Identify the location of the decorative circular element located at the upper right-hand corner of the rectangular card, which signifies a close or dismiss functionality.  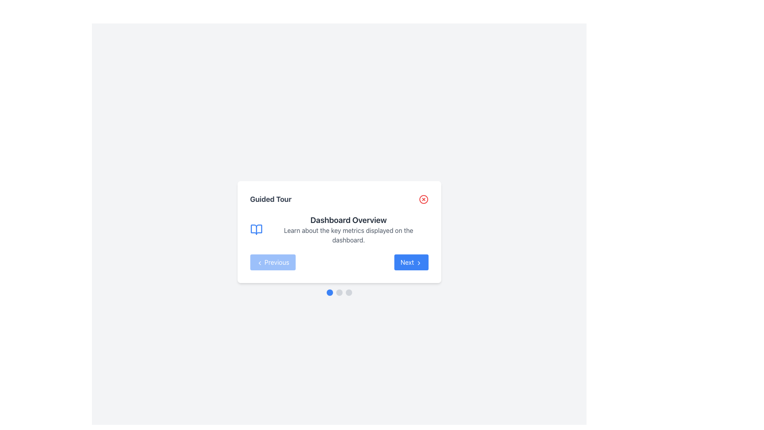
(423, 199).